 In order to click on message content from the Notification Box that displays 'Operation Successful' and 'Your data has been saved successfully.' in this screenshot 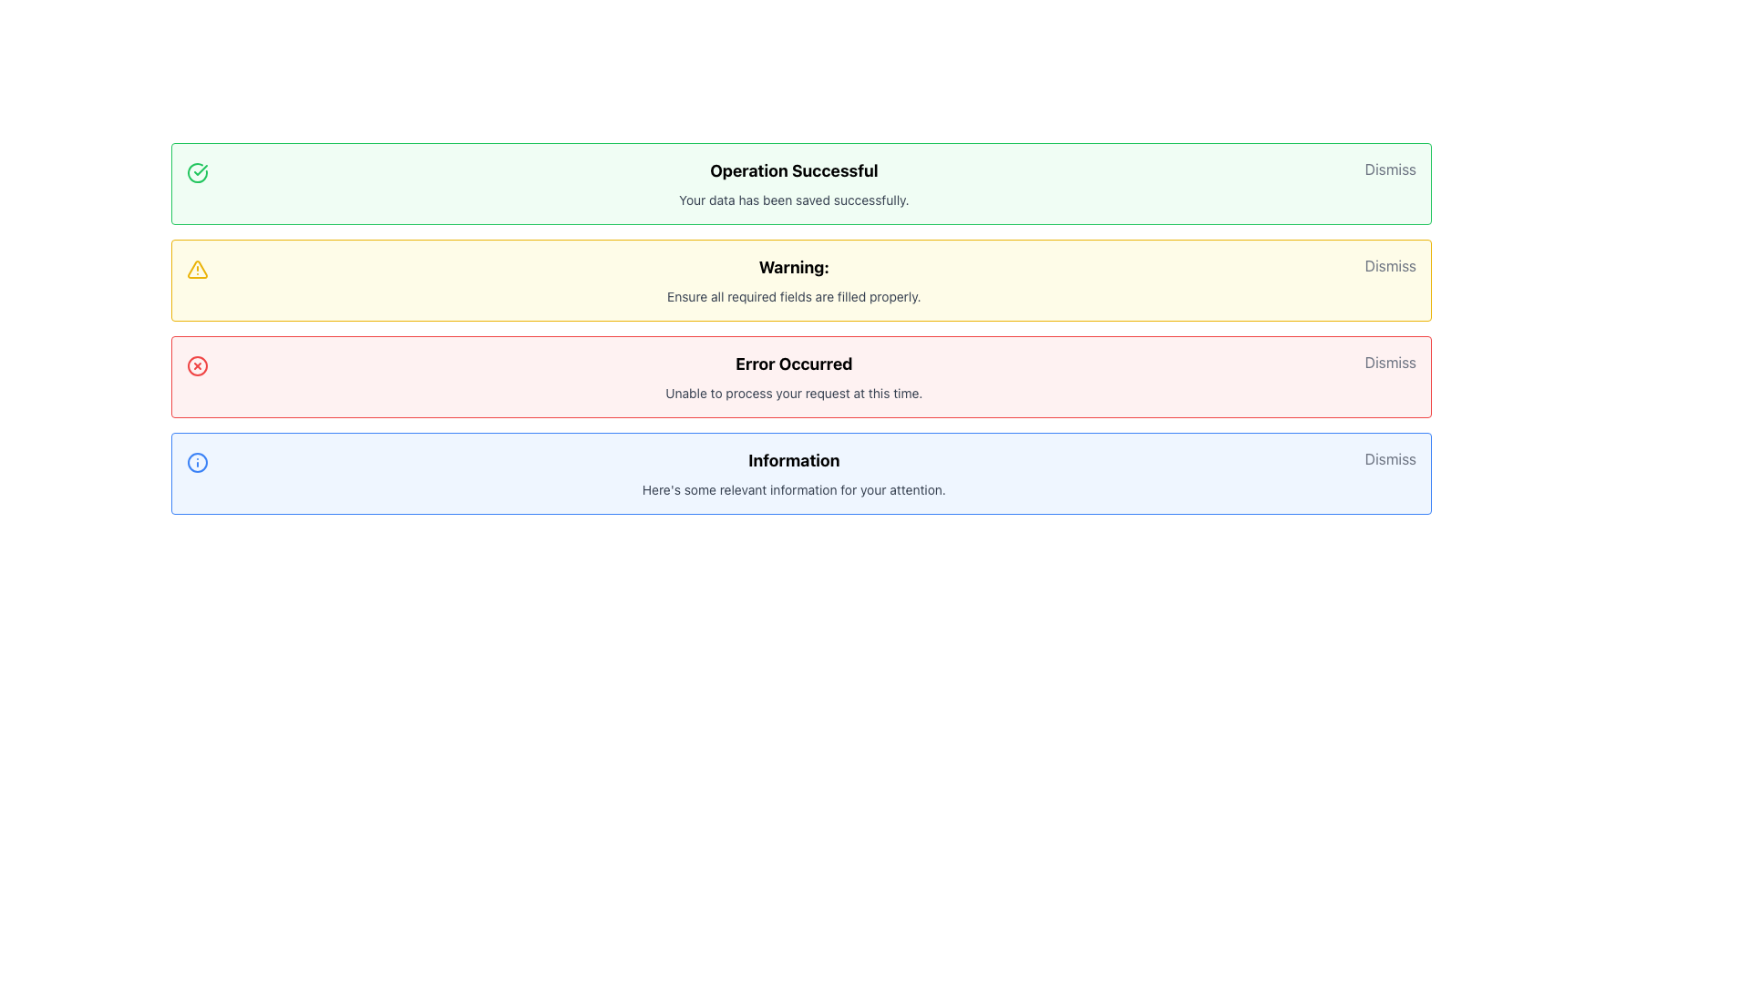, I will do `click(801, 183)`.